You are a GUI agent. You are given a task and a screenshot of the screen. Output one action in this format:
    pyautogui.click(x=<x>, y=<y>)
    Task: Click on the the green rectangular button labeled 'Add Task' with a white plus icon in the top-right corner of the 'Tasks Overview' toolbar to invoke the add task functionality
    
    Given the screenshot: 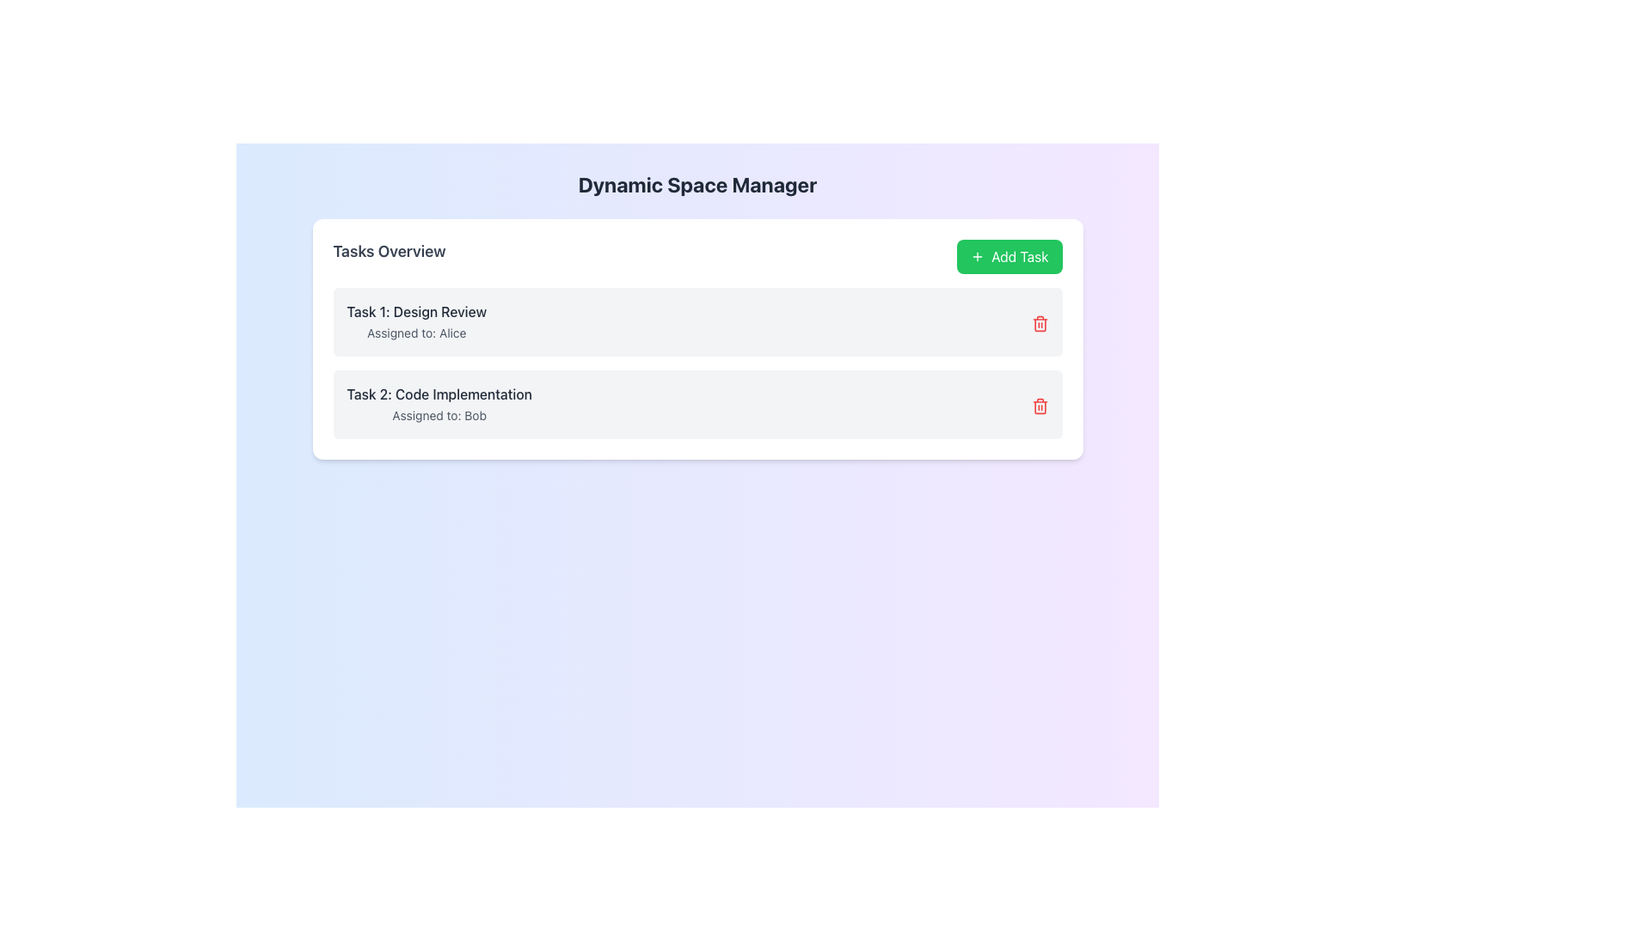 What is the action you would take?
    pyautogui.click(x=1010, y=257)
    